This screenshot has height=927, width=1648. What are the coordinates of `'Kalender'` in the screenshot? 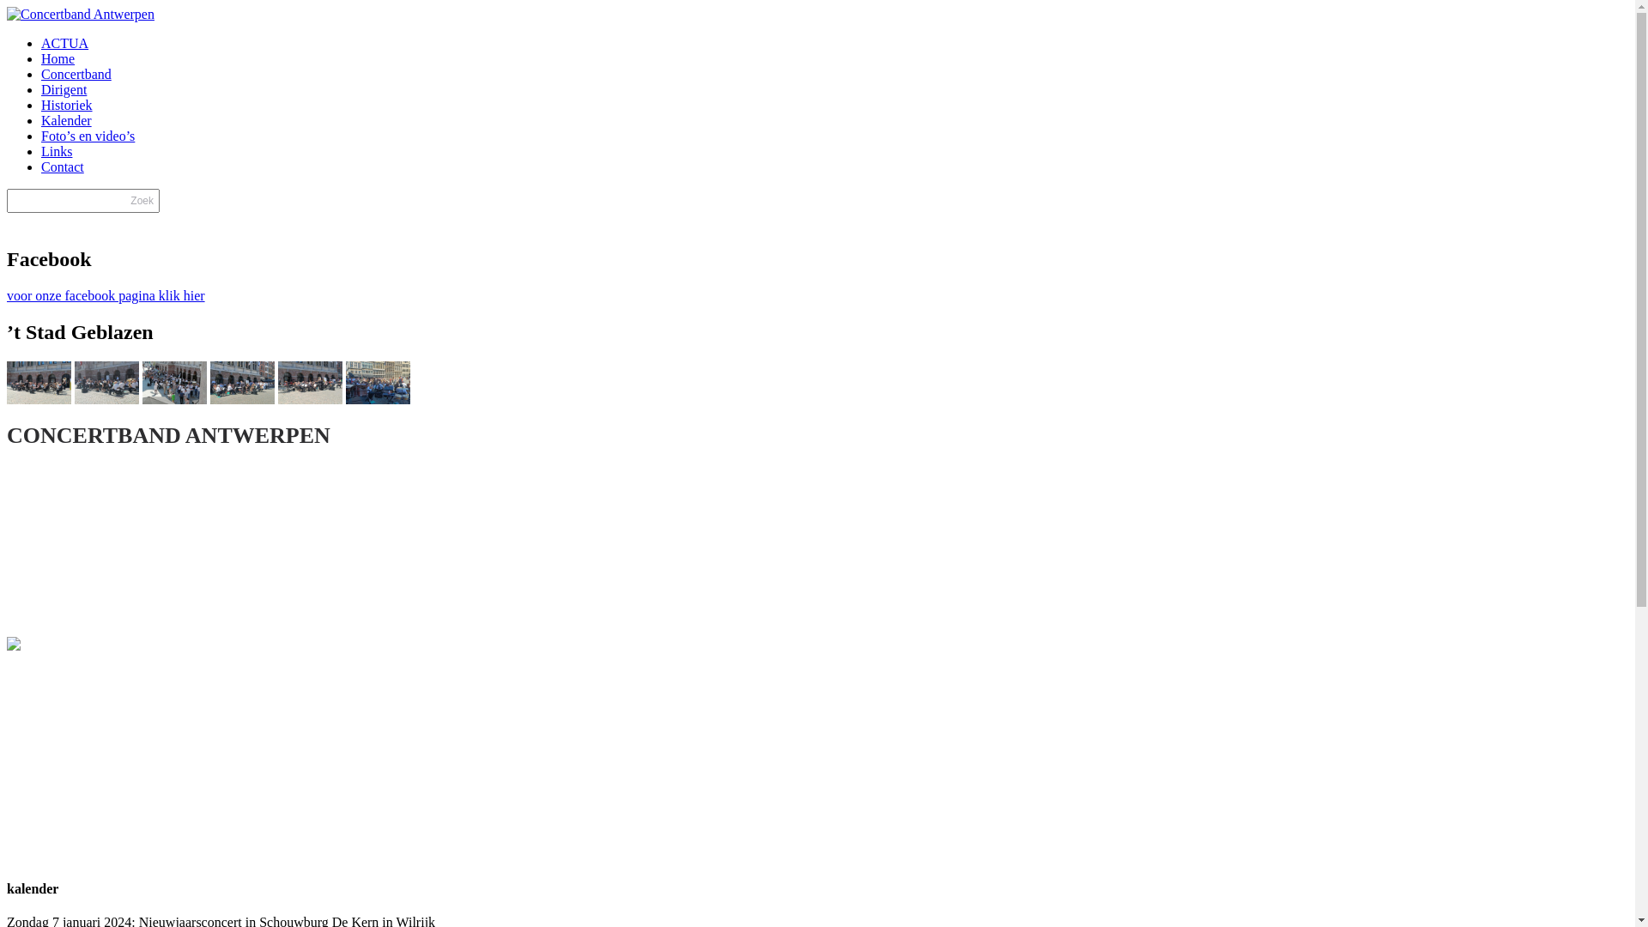 It's located at (66, 119).